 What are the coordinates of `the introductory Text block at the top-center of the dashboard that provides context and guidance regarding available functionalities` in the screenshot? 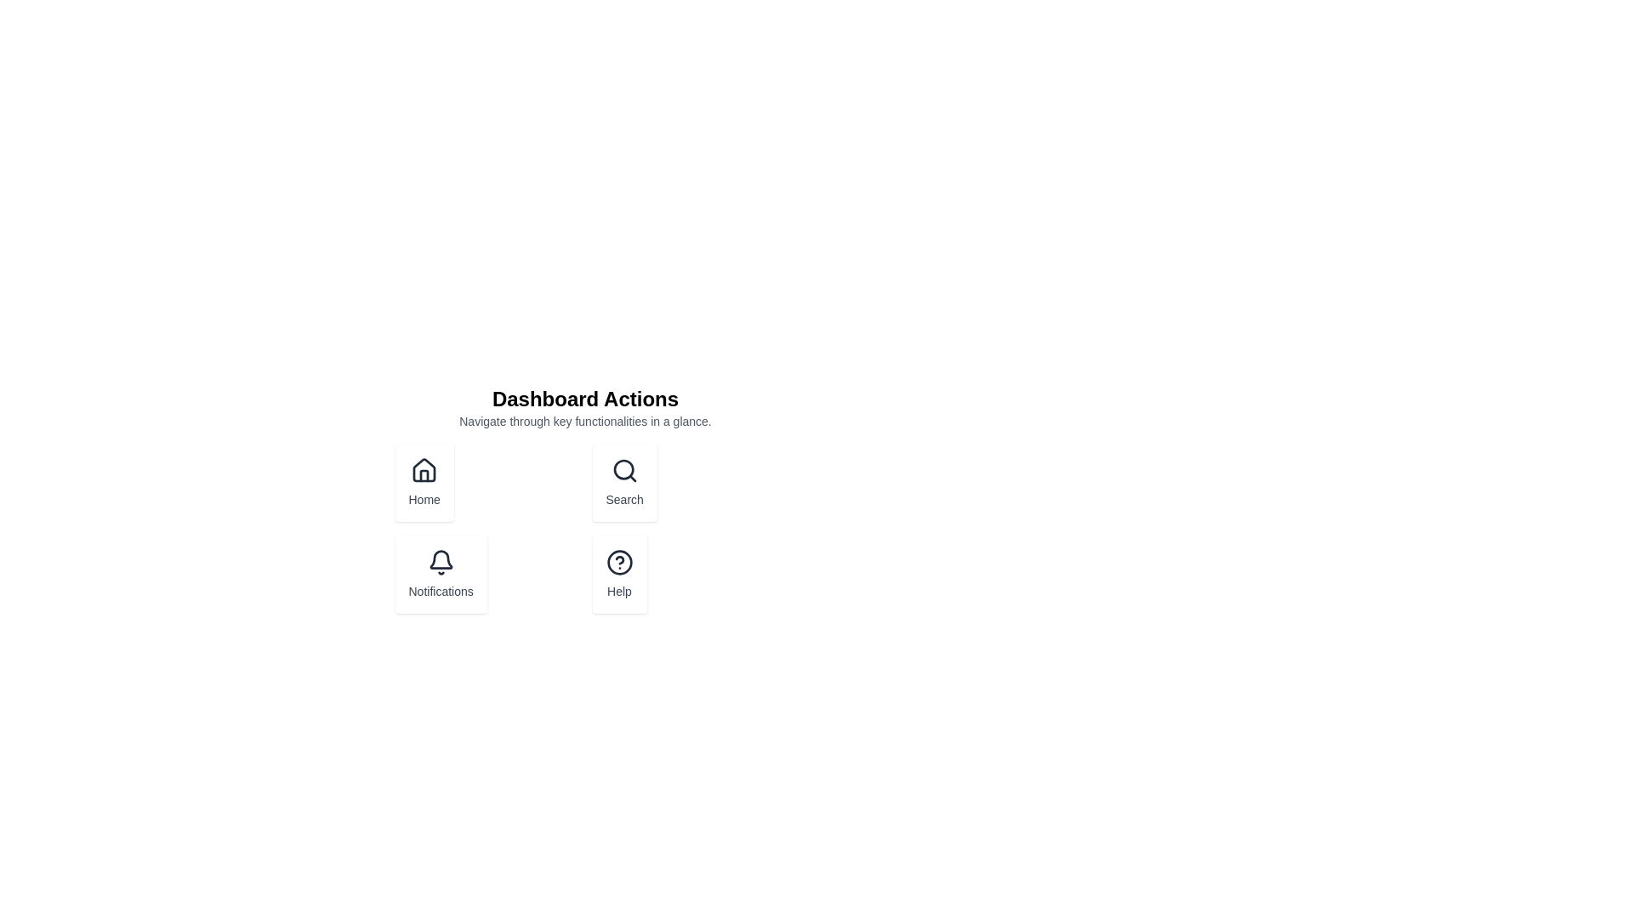 It's located at (585, 407).